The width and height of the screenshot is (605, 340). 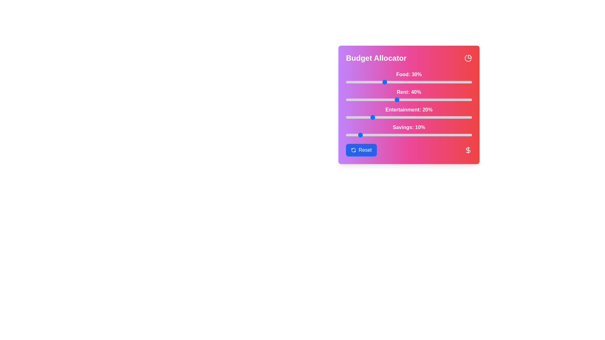 What do you see at coordinates (468, 58) in the screenshot?
I see `the pie chart icon located in the top-right corner of the interface, adjacent to the title 'Budget Allocator'` at bounding box center [468, 58].